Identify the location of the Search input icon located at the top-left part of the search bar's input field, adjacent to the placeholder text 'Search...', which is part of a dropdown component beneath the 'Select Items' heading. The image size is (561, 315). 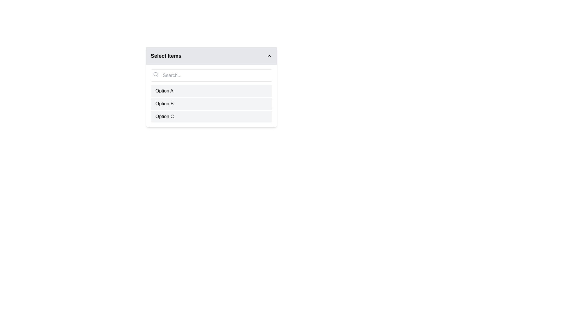
(155, 74).